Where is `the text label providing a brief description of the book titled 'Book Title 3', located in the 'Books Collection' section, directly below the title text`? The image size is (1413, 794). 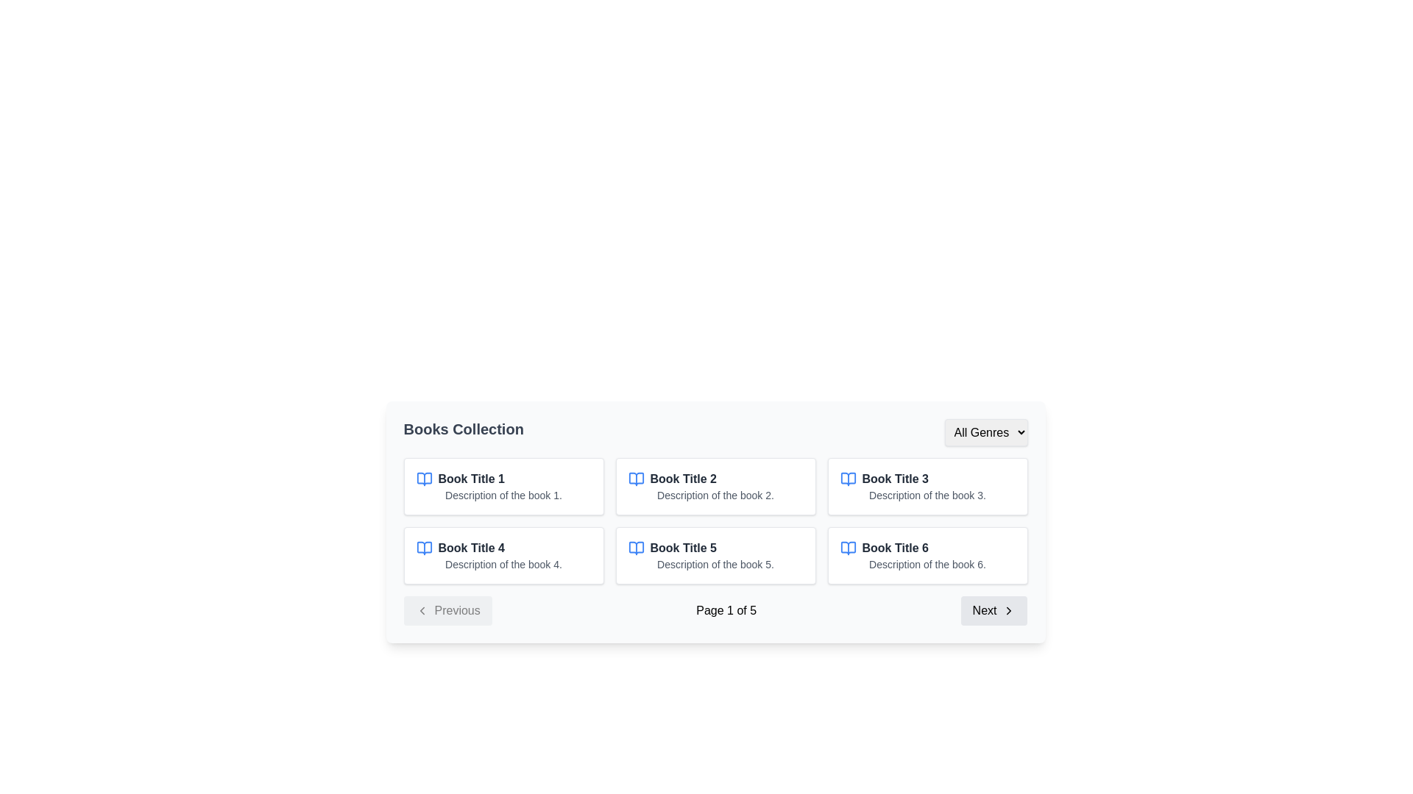
the text label providing a brief description of the book titled 'Book Title 3', located in the 'Books Collection' section, directly below the title text is located at coordinates (927, 496).